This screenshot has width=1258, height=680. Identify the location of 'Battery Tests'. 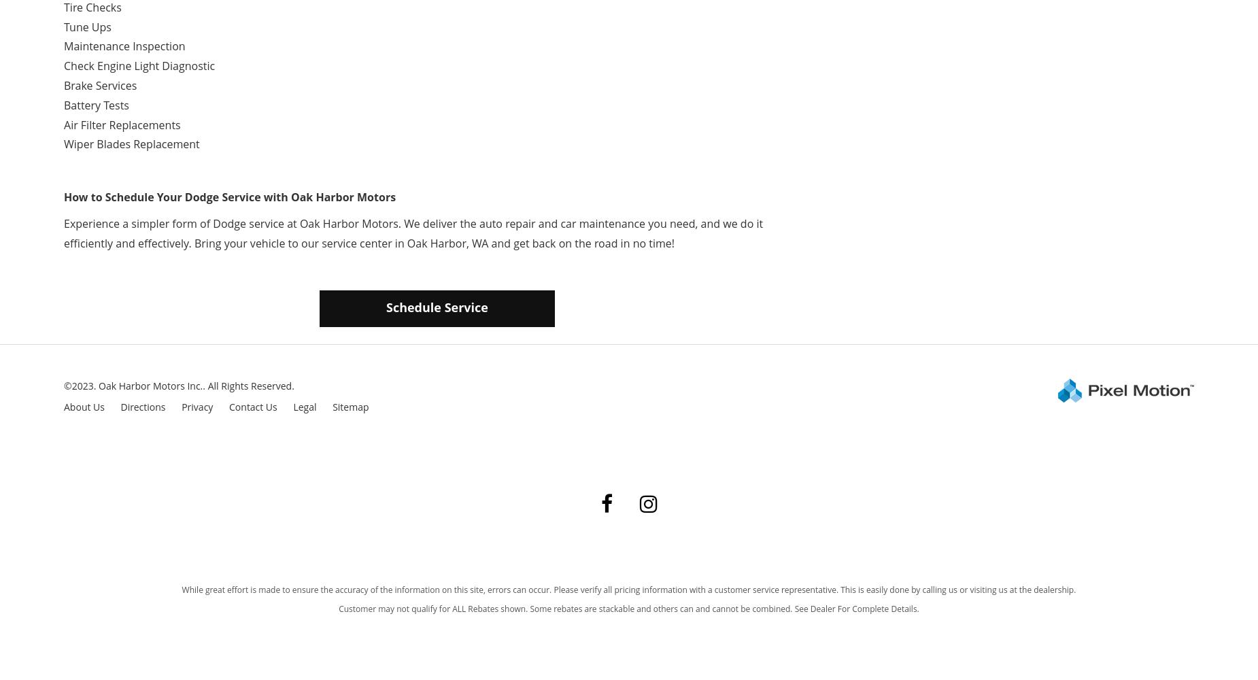
(95, 105).